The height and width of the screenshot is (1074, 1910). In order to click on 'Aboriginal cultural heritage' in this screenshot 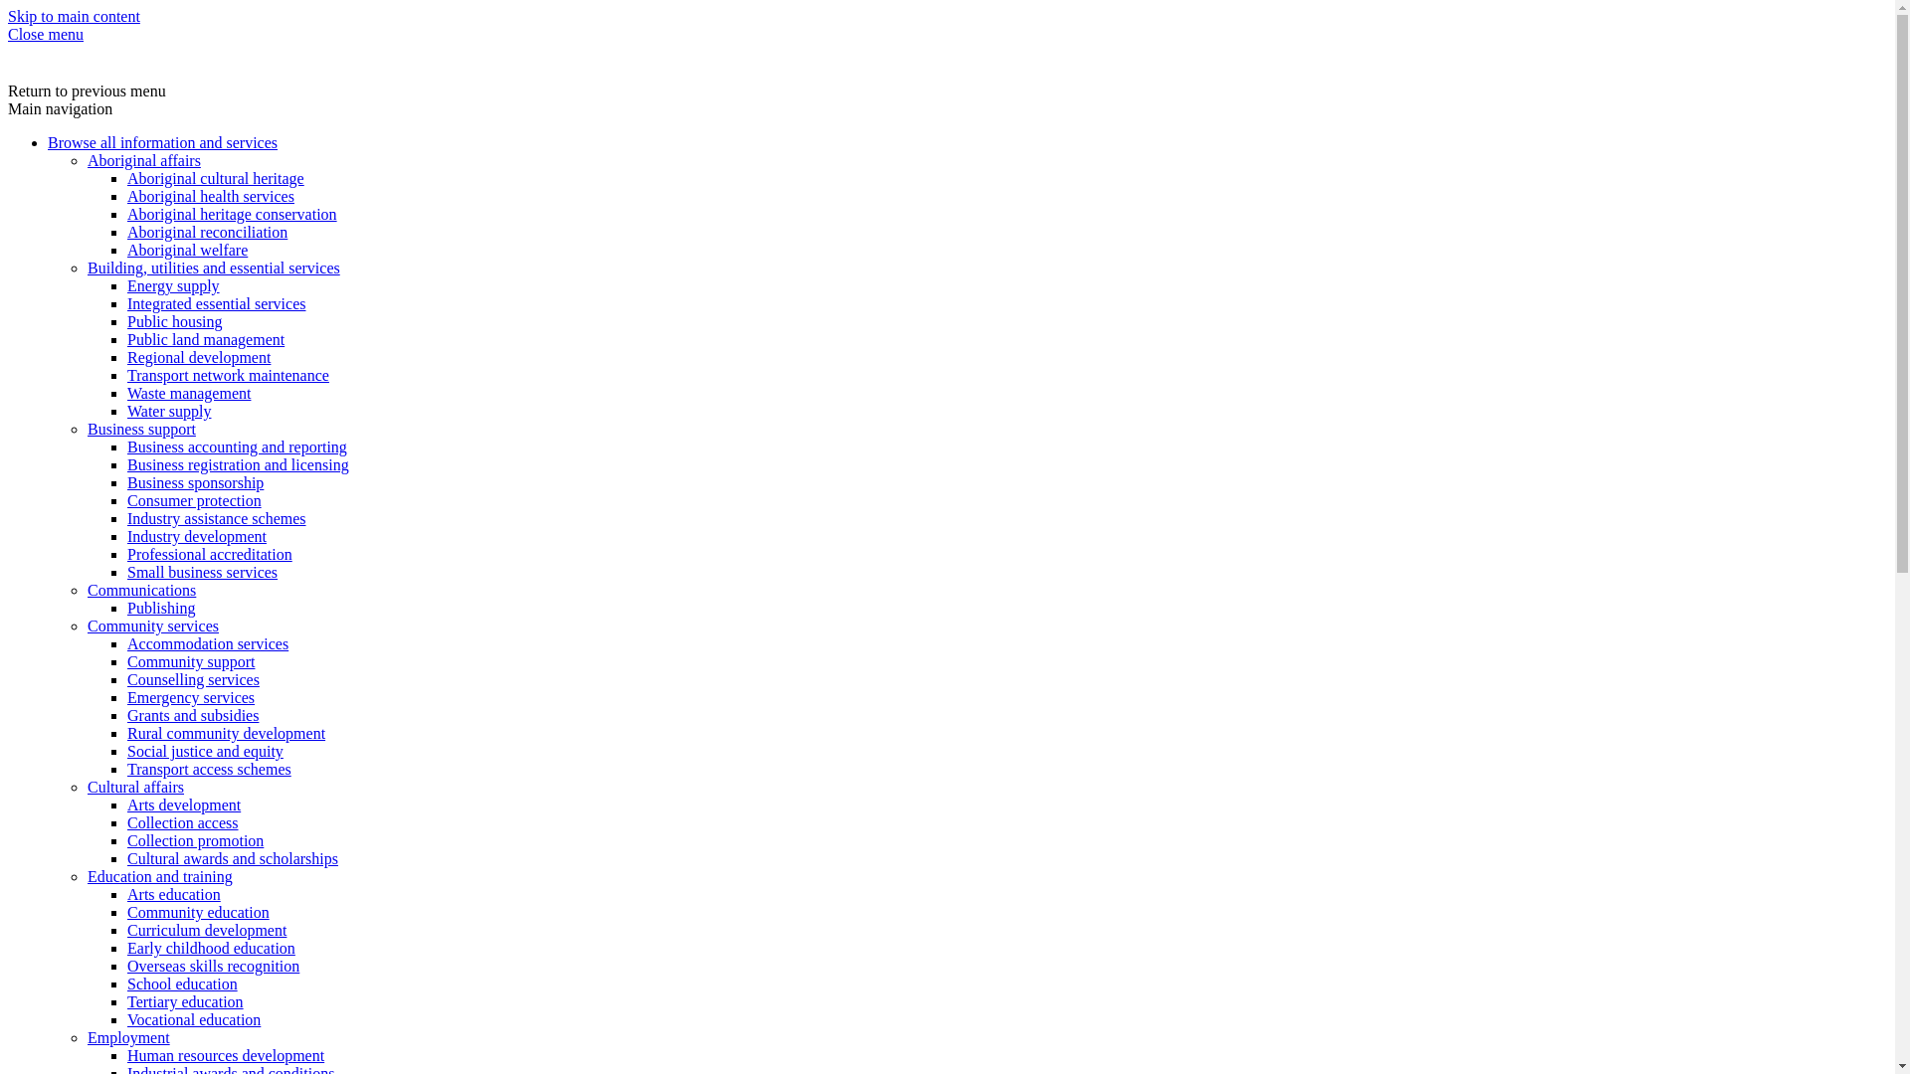, I will do `click(215, 177)`.